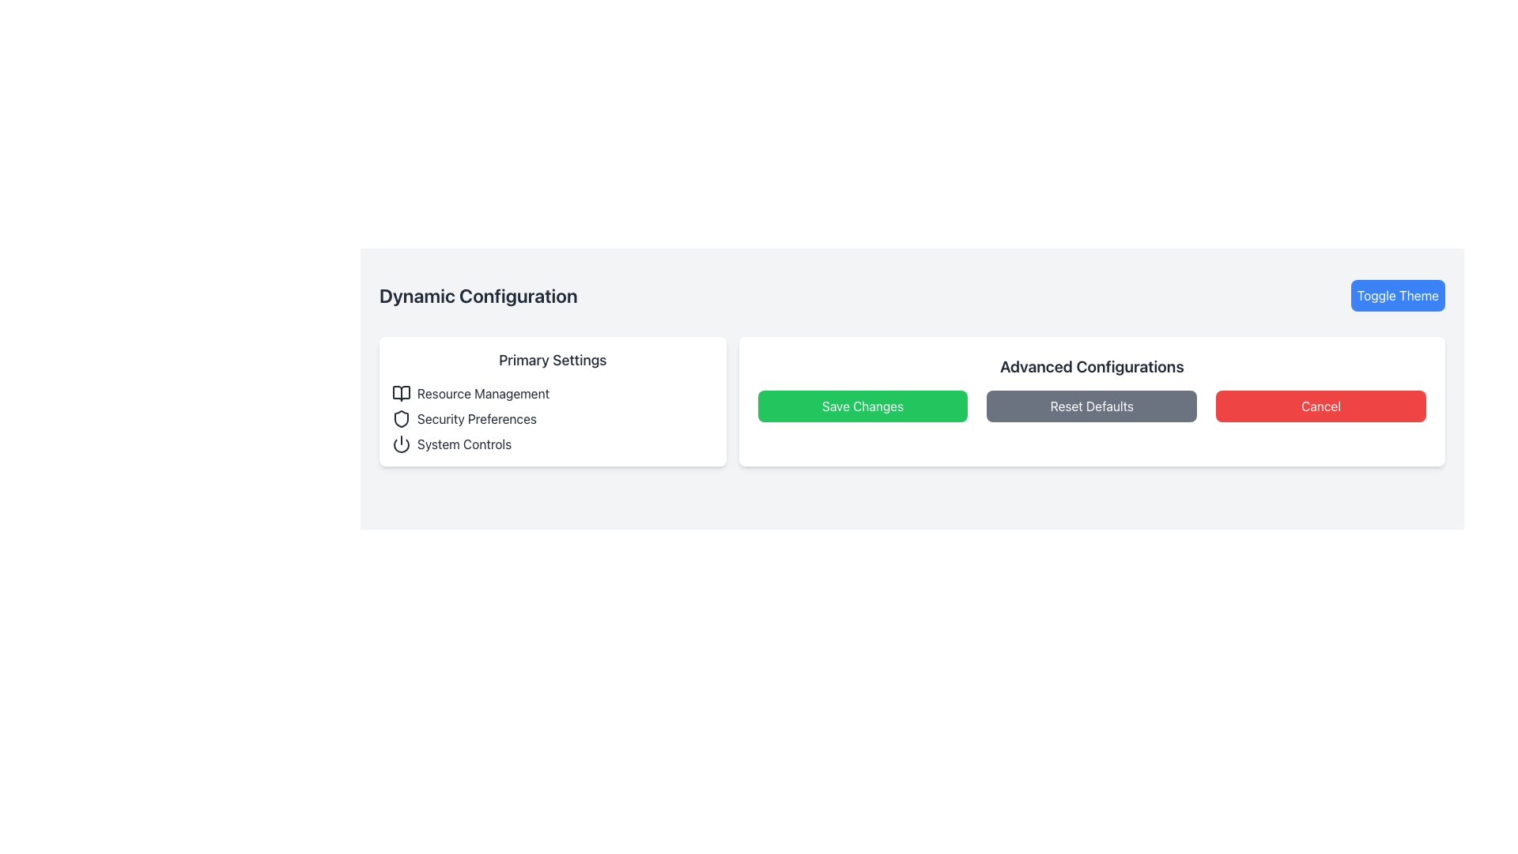  I want to click on the 'Reset to Defaults' button located in the central section of the 'Advanced Configurations' area to reset all settings to their default values, so click(1091, 405).